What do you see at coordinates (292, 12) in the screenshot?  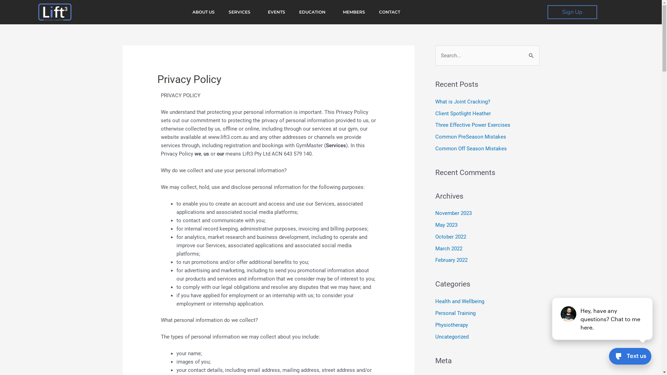 I see `'EDUCATION'` at bounding box center [292, 12].